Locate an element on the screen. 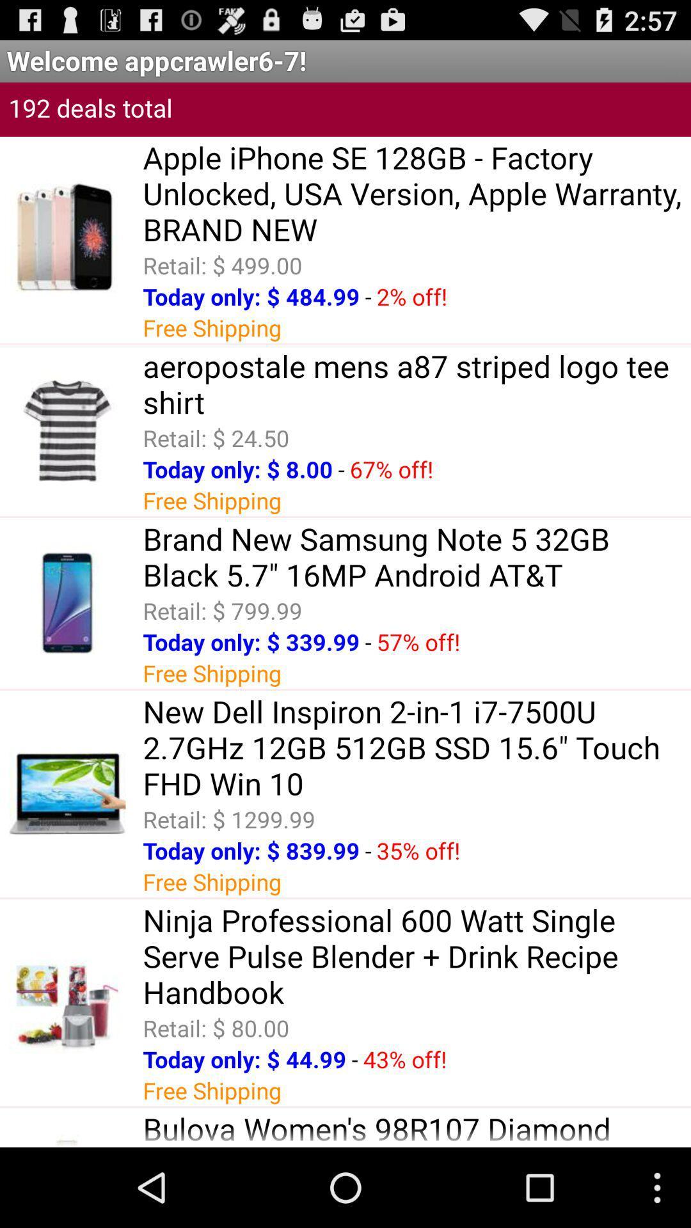  the new dell inspiron app is located at coordinates (417, 747).